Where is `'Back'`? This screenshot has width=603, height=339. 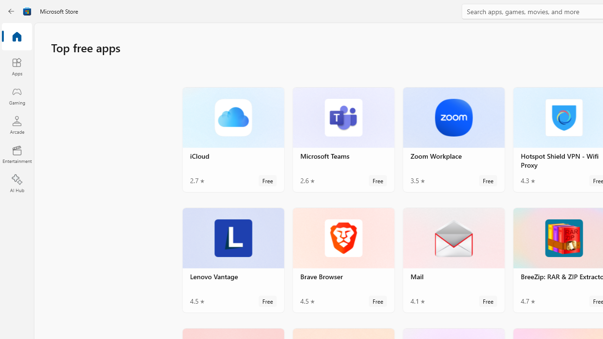
'Back' is located at coordinates (11, 11).